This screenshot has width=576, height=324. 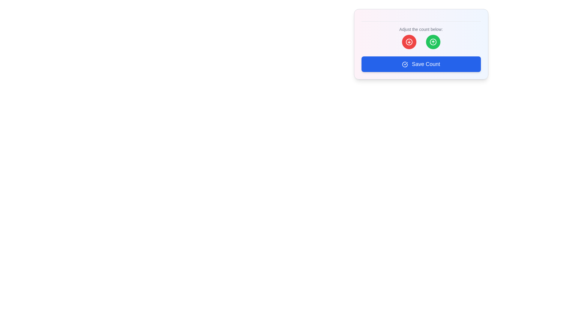 I want to click on the left button in the red and green button pair, so click(x=409, y=41).